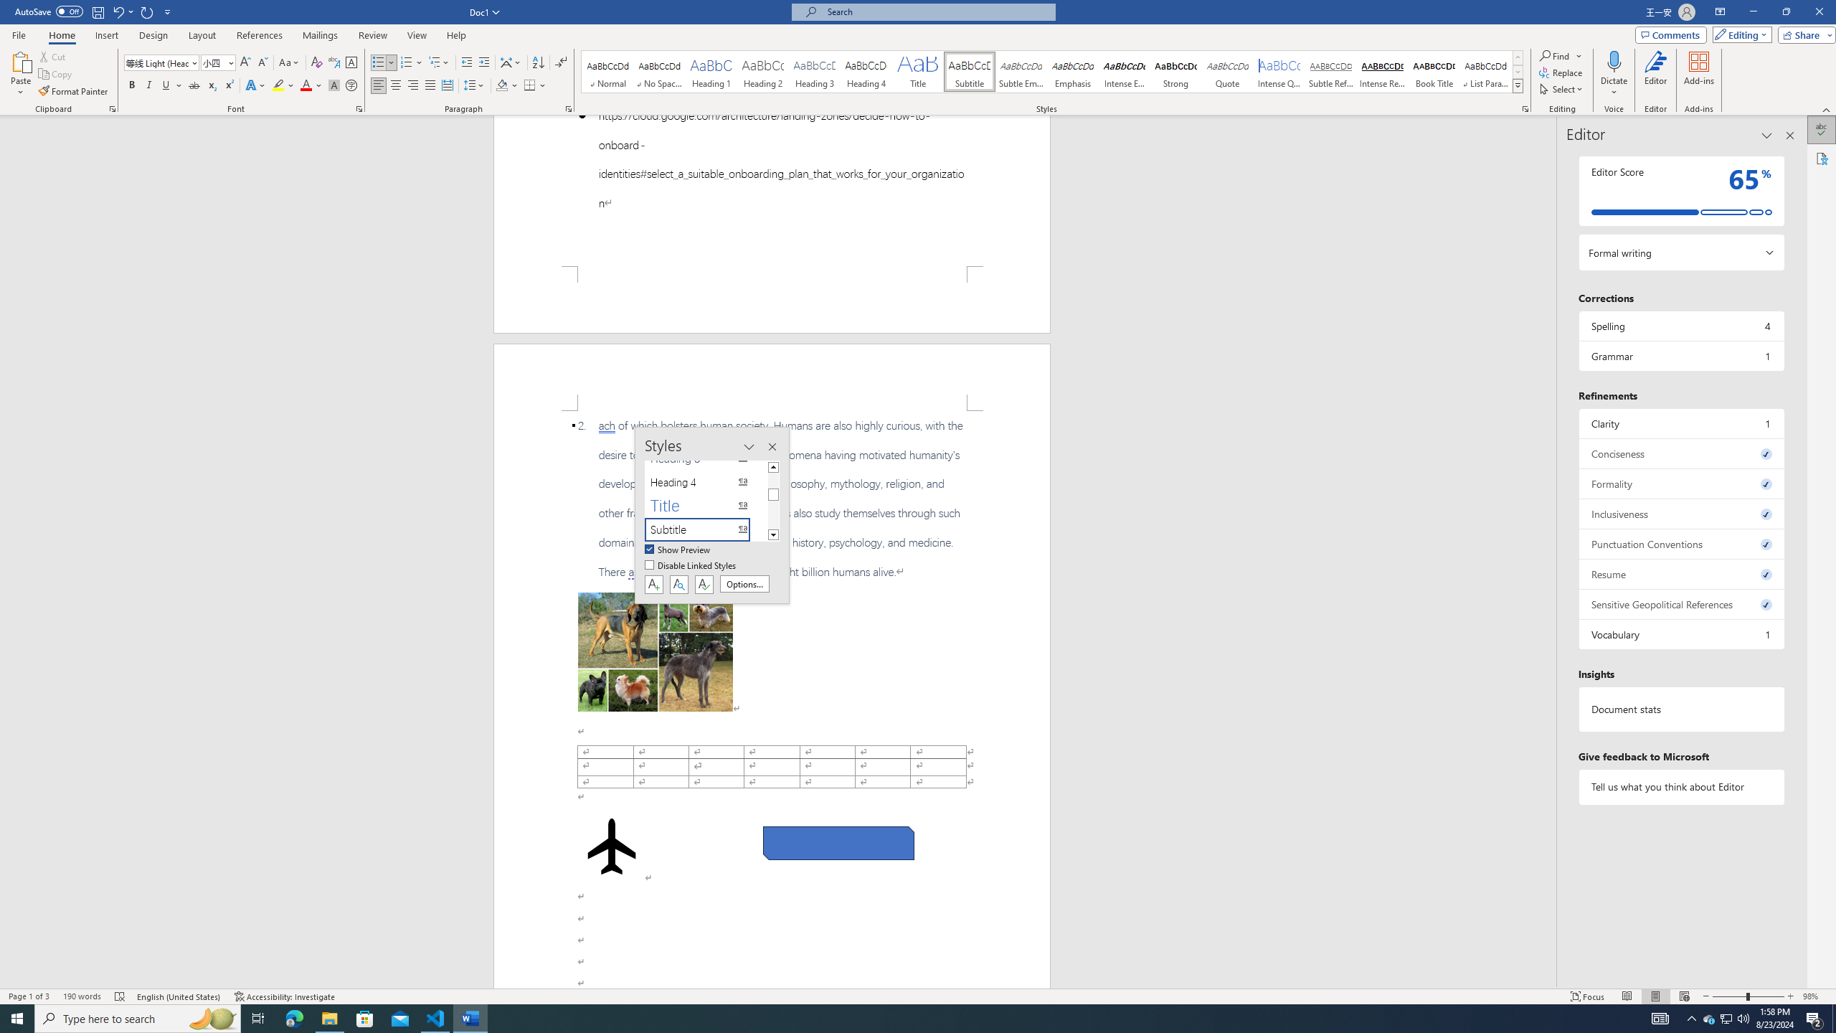 The height and width of the screenshot is (1033, 1836). Describe the element at coordinates (1680, 484) in the screenshot. I see `'Formality, 0 issues. Press space or enter to review items.'` at that location.